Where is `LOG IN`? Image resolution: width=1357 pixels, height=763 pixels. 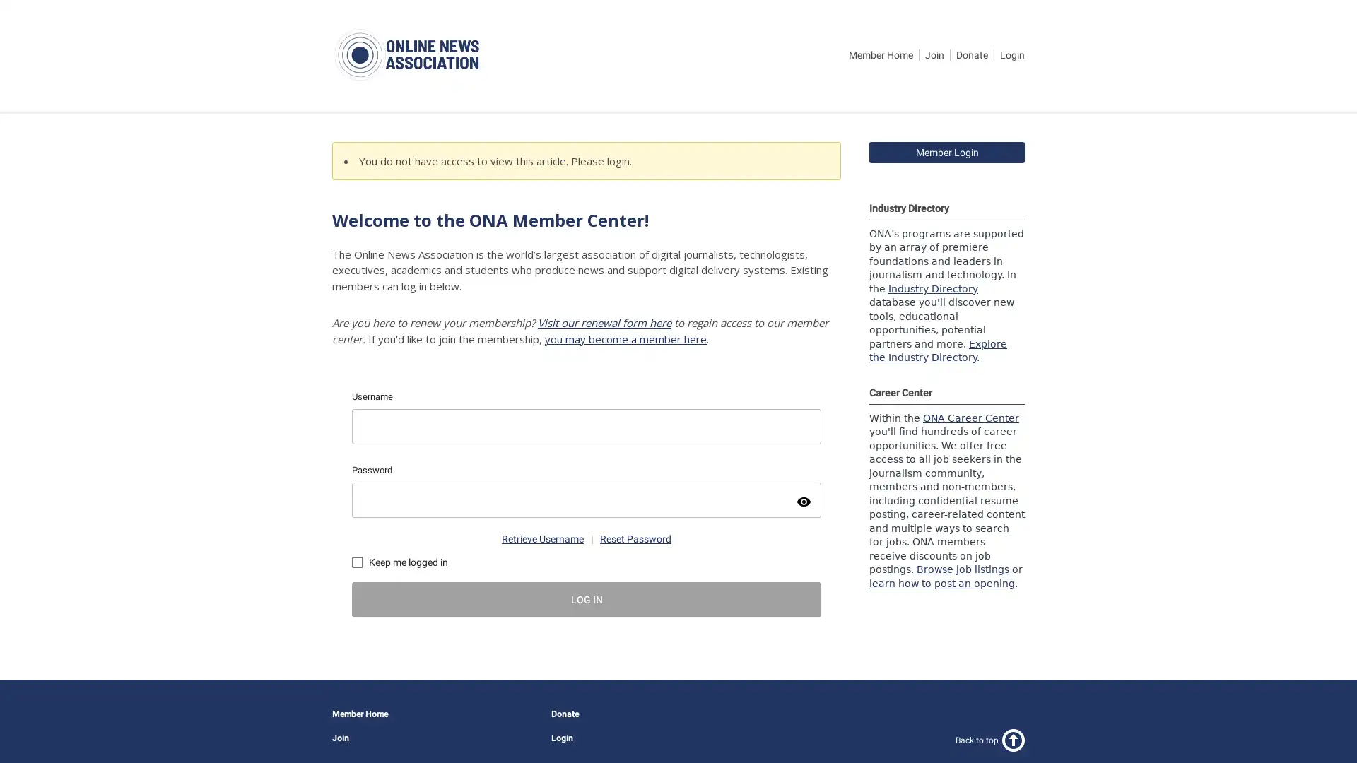
LOG IN is located at coordinates (587, 599).